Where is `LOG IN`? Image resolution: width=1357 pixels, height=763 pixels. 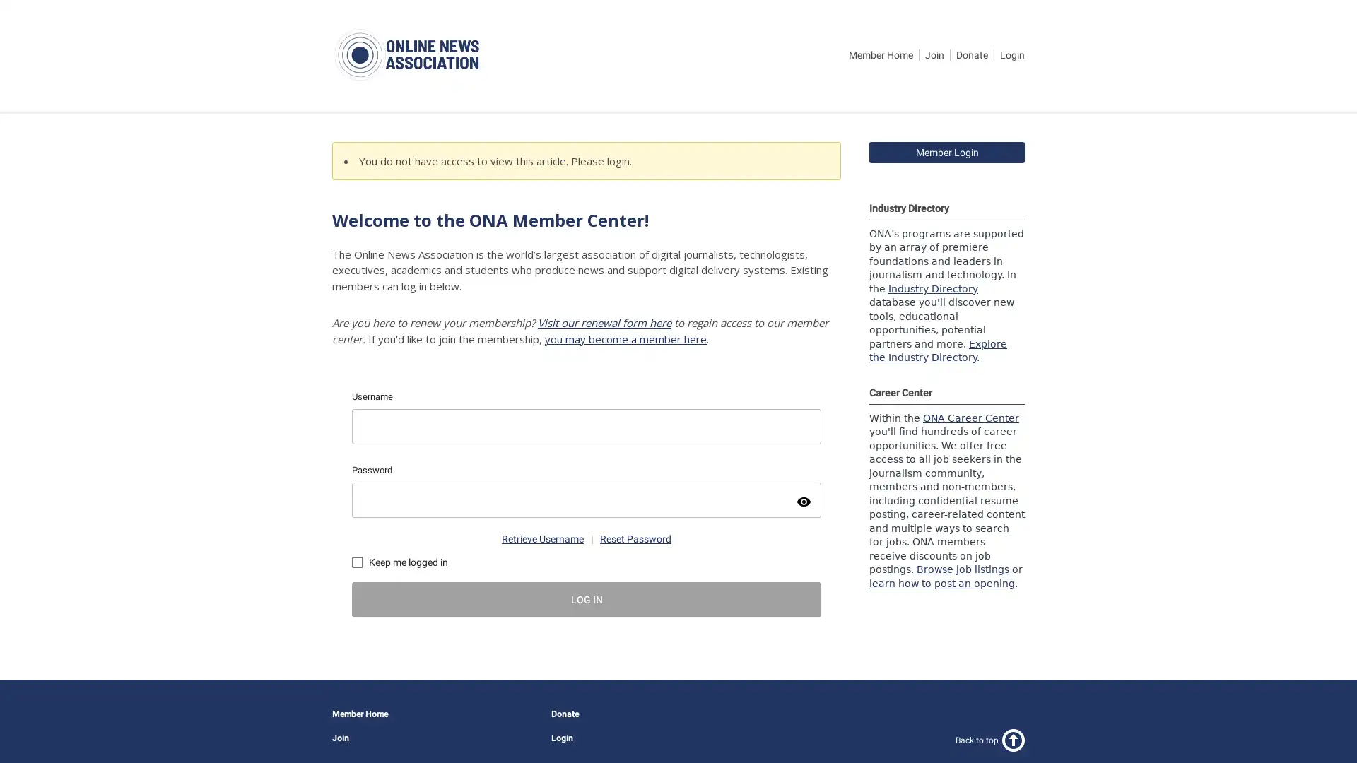
LOG IN is located at coordinates (587, 599).